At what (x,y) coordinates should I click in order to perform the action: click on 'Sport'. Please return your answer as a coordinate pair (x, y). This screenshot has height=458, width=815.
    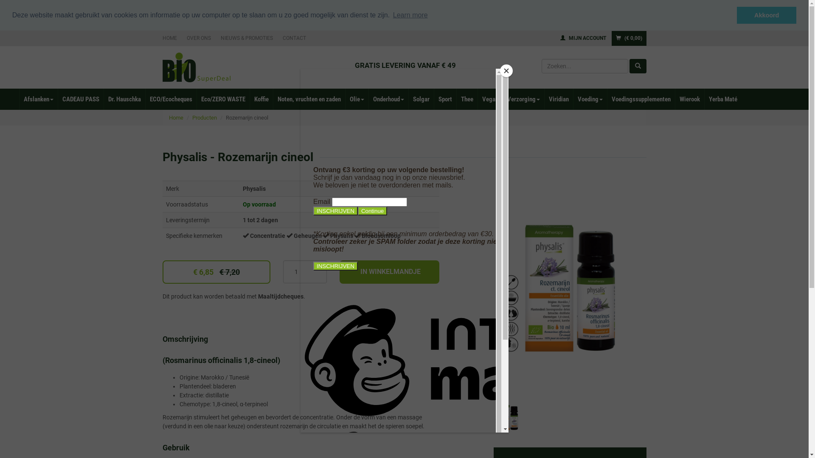
    Looking at the image, I should click on (444, 98).